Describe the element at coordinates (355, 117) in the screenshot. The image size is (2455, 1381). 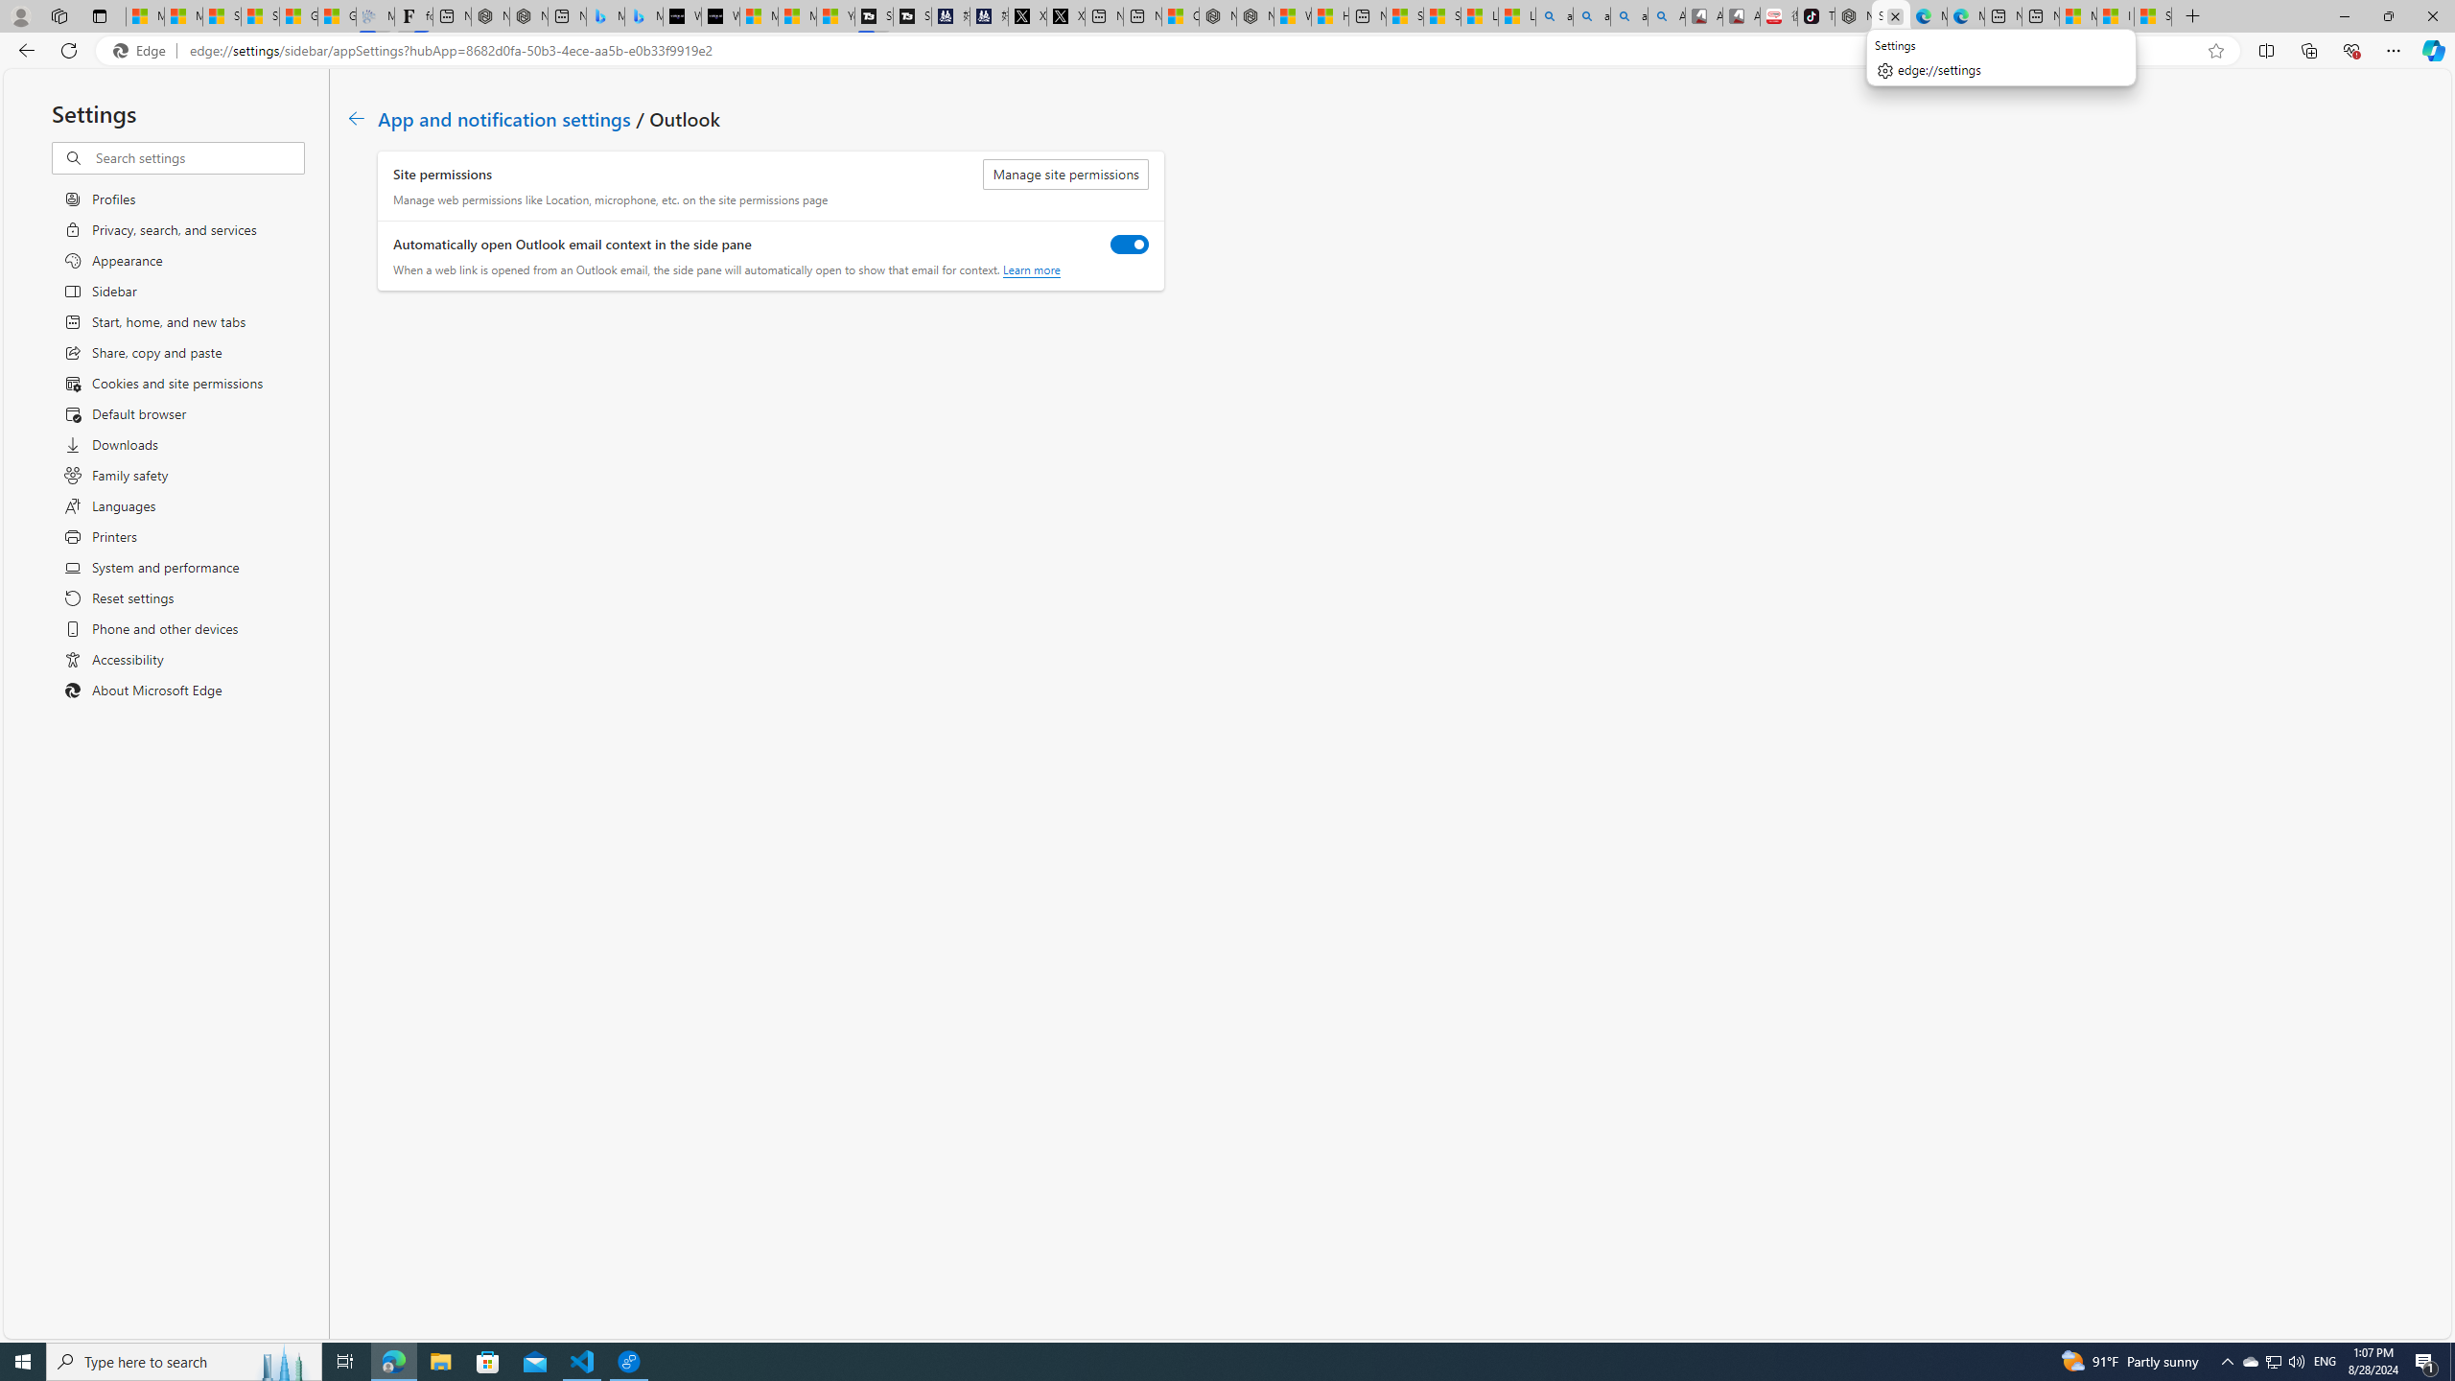
I see `'Class: c01188'` at that location.